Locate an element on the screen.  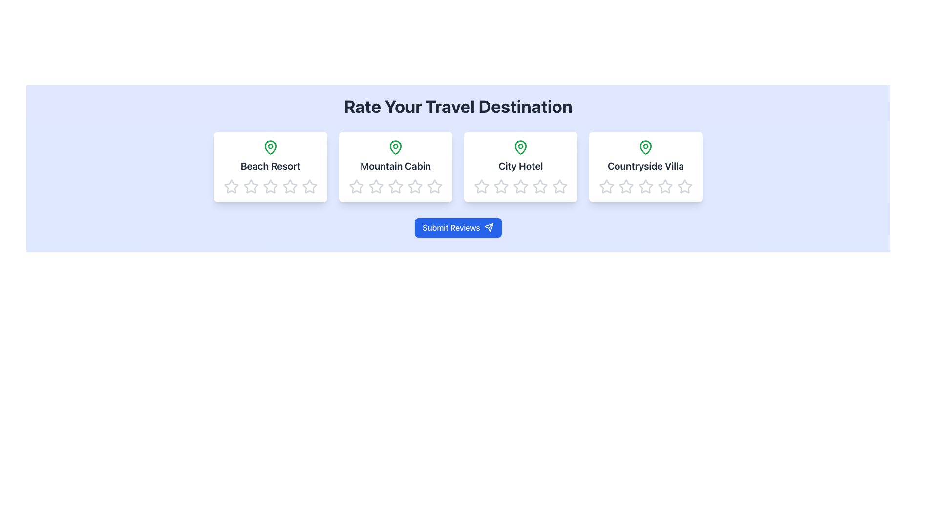
the fifth star icon in the rating interface to set the rating for the 'Countryside Villa' entry is located at coordinates (684, 186).